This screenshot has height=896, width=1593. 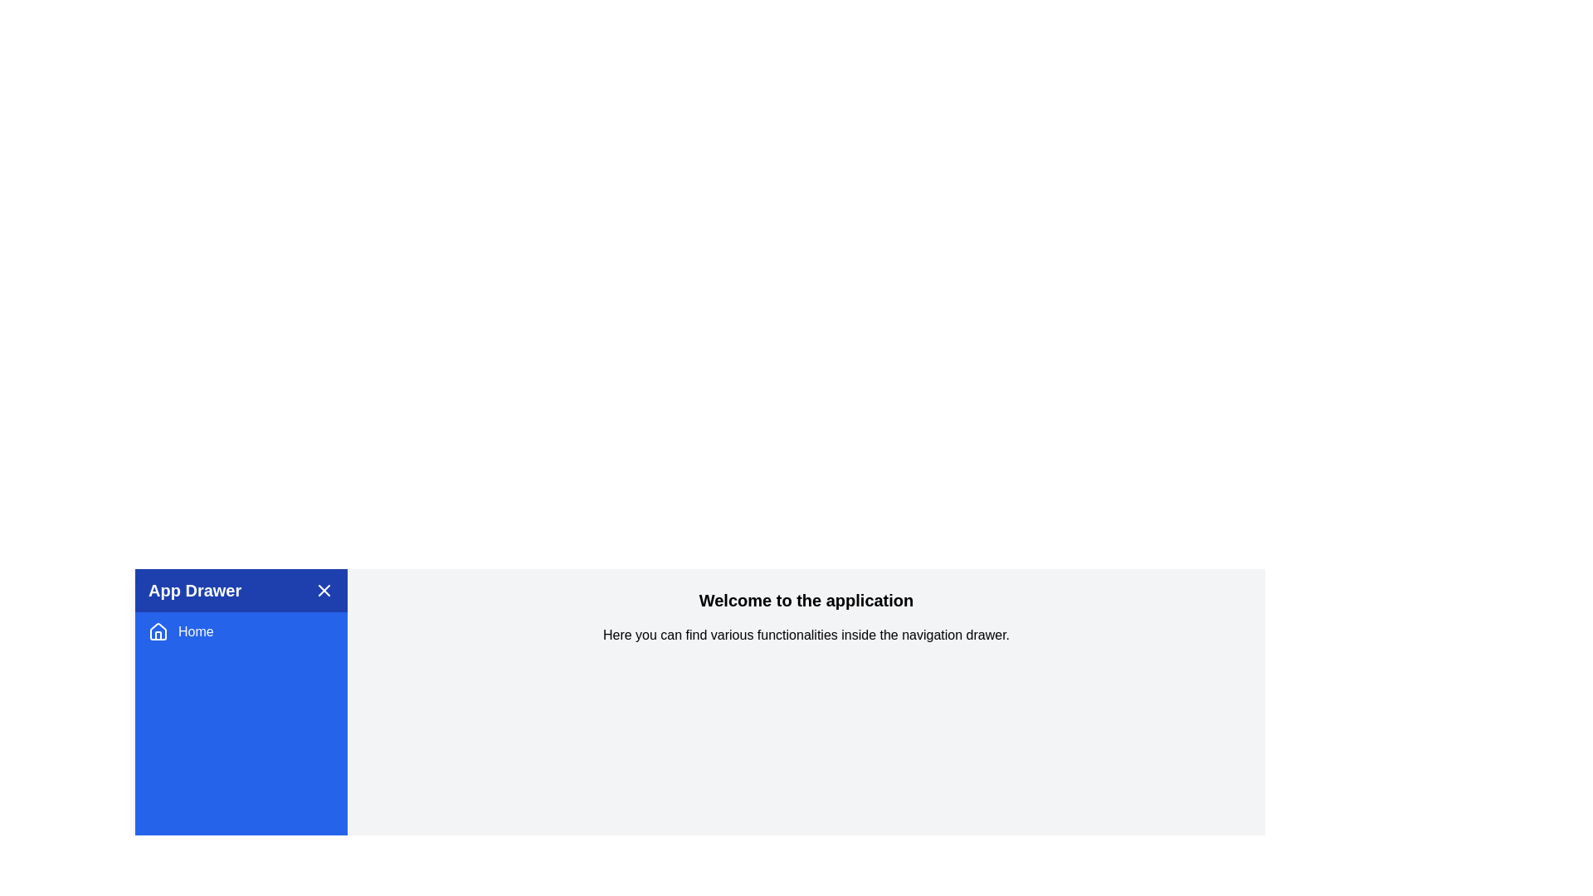 I want to click on static text element labeled 'App Drawer' located in the blue header bar at the top of the sidebar navigation drawer, so click(x=195, y=590).